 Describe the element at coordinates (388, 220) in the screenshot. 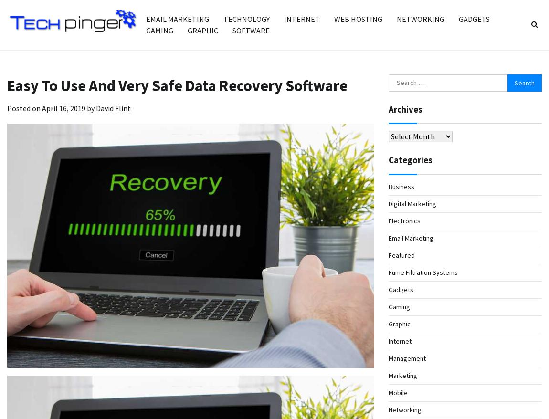

I see `'Electronics'` at that location.